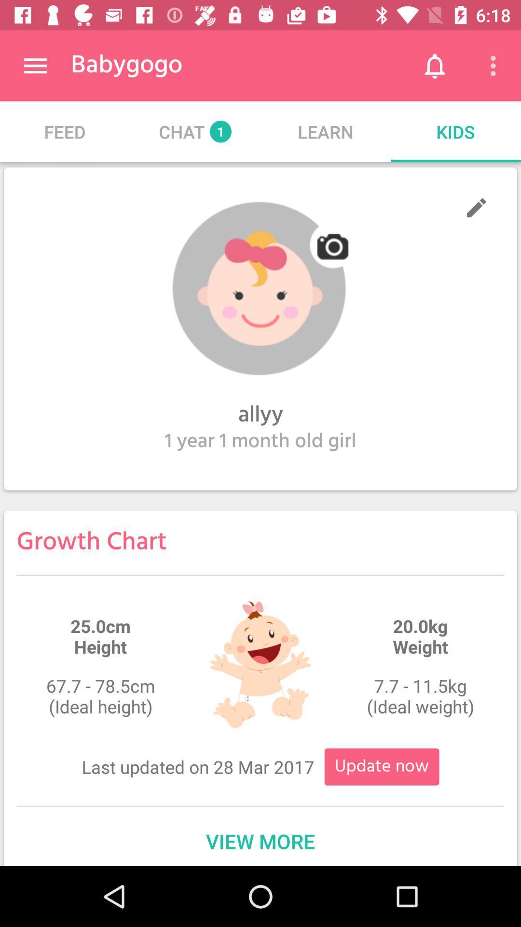 The height and width of the screenshot is (927, 521). What do you see at coordinates (476, 207) in the screenshot?
I see `write the image` at bounding box center [476, 207].